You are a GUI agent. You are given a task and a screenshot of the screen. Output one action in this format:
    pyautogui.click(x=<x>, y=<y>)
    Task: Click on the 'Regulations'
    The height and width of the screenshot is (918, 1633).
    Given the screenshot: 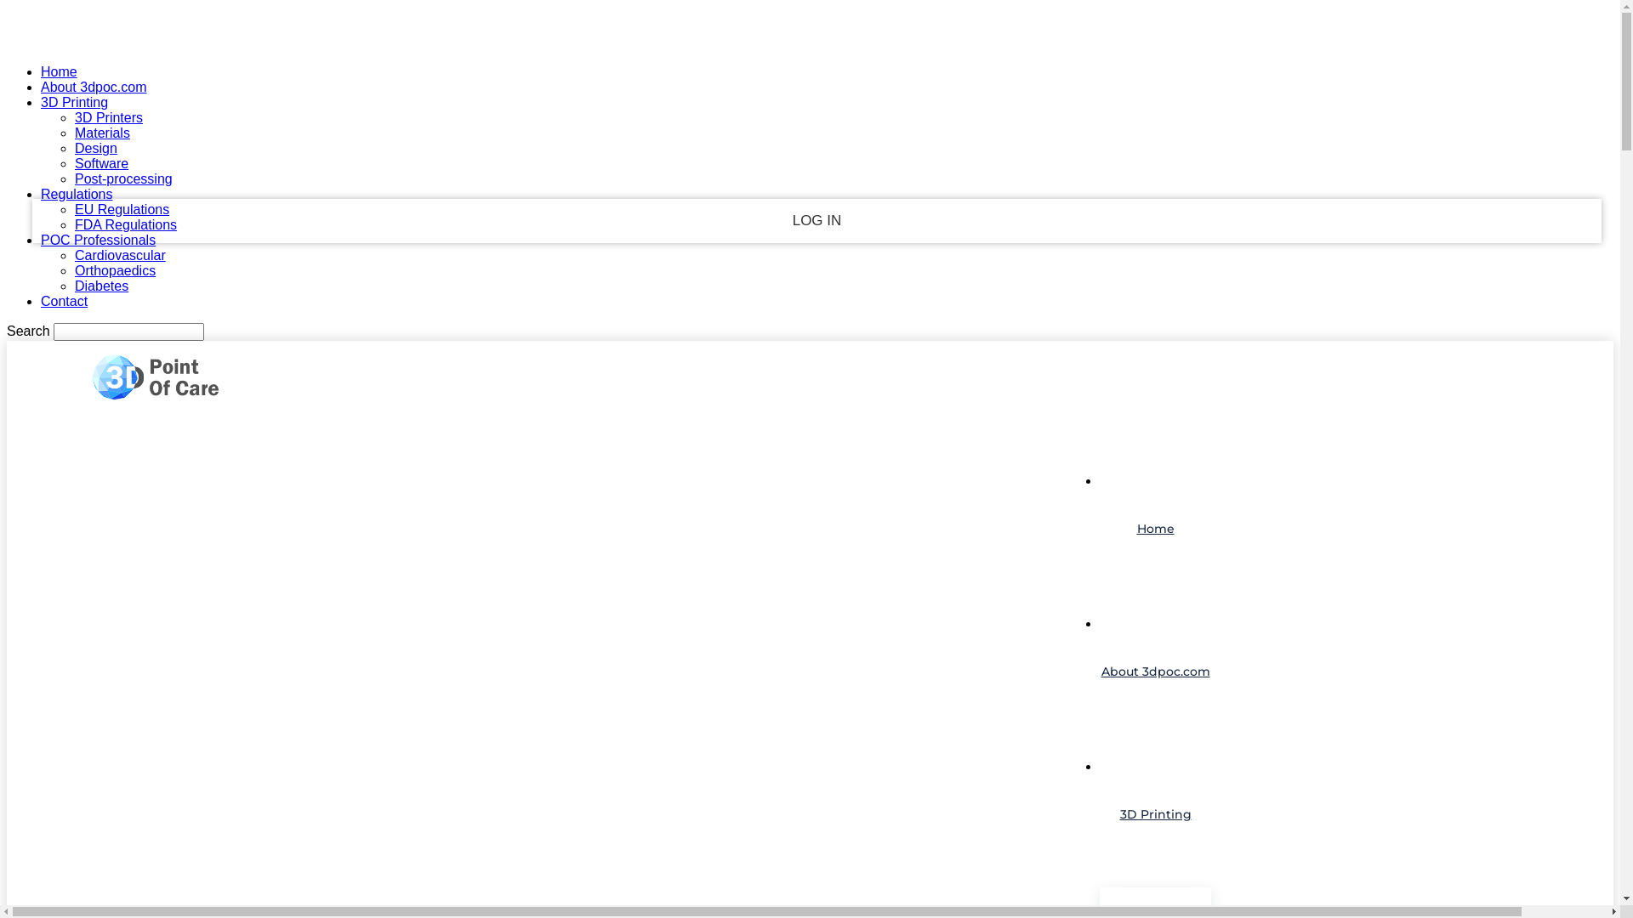 What is the action you would take?
    pyautogui.click(x=76, y=193)
    